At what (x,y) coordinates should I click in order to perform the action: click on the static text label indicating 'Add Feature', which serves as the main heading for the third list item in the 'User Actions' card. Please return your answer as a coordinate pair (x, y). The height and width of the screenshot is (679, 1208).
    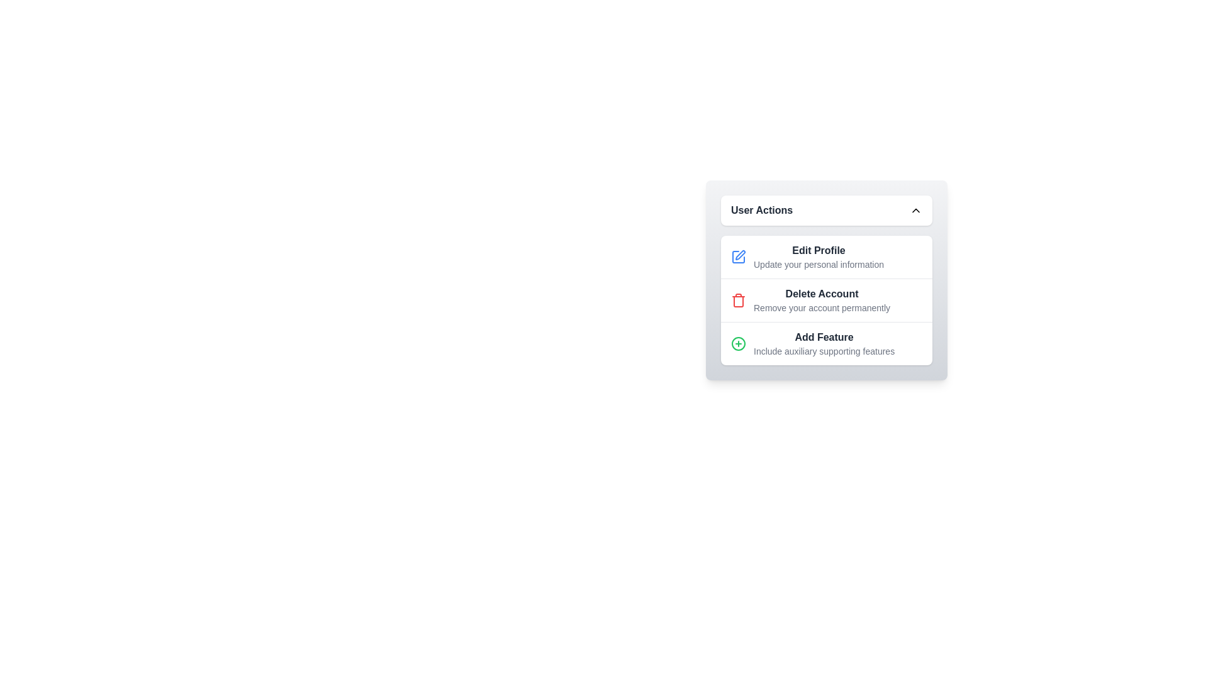
    Looking at the image, I should click on (824, 336).